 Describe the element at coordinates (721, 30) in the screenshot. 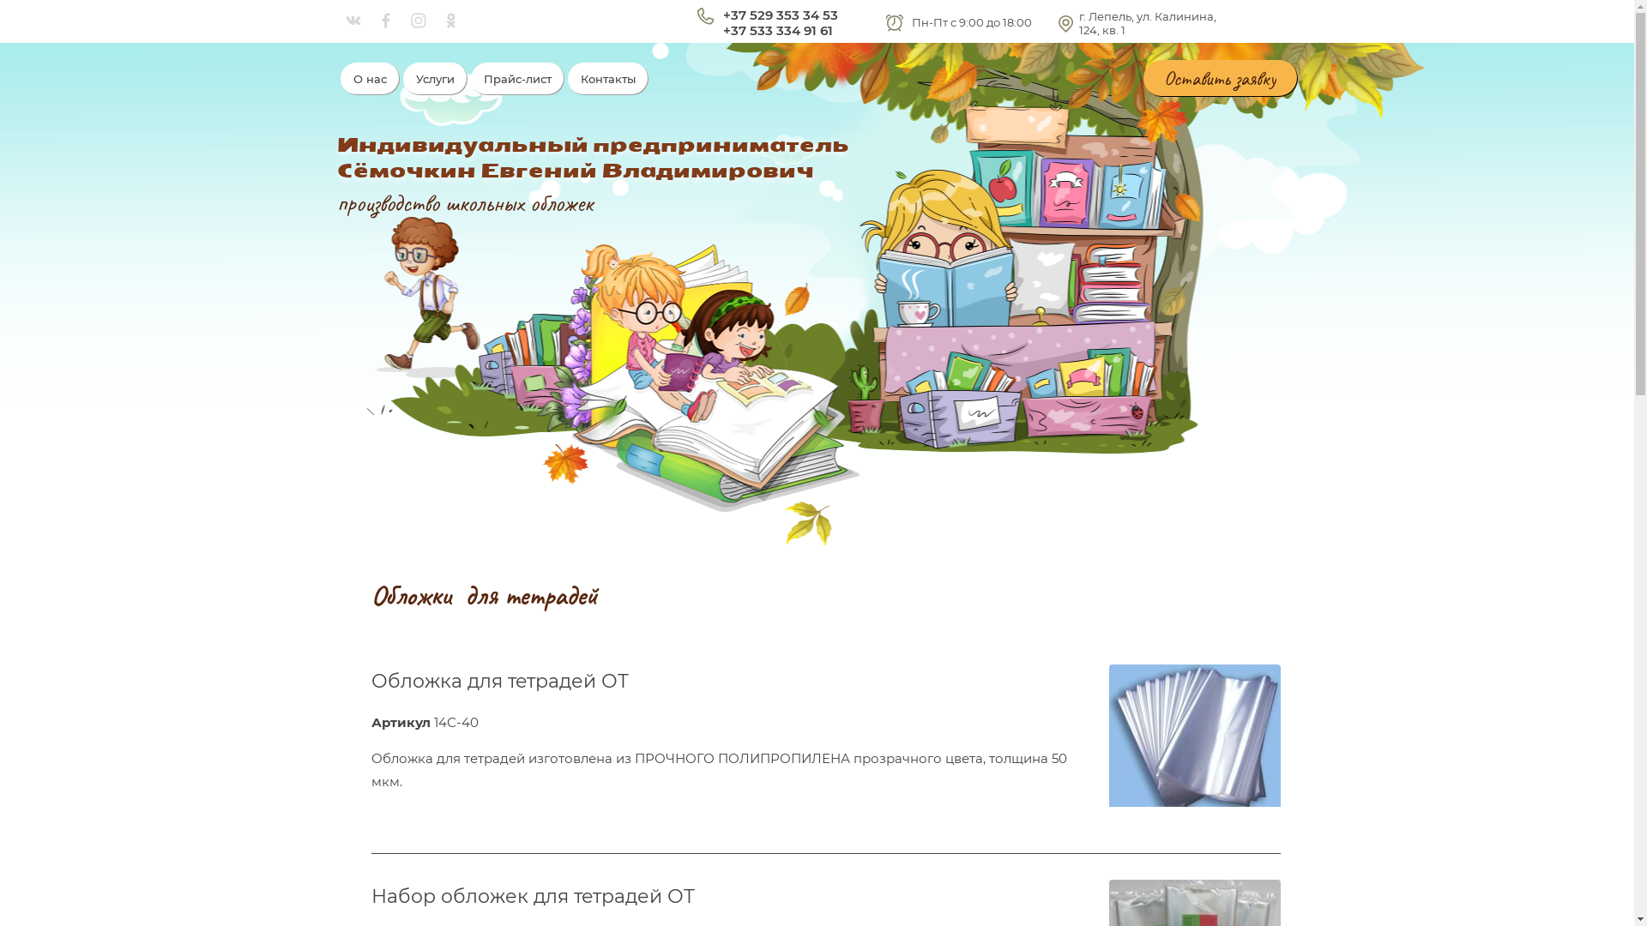

I see `'+37 533 334 91 61'` at that location.